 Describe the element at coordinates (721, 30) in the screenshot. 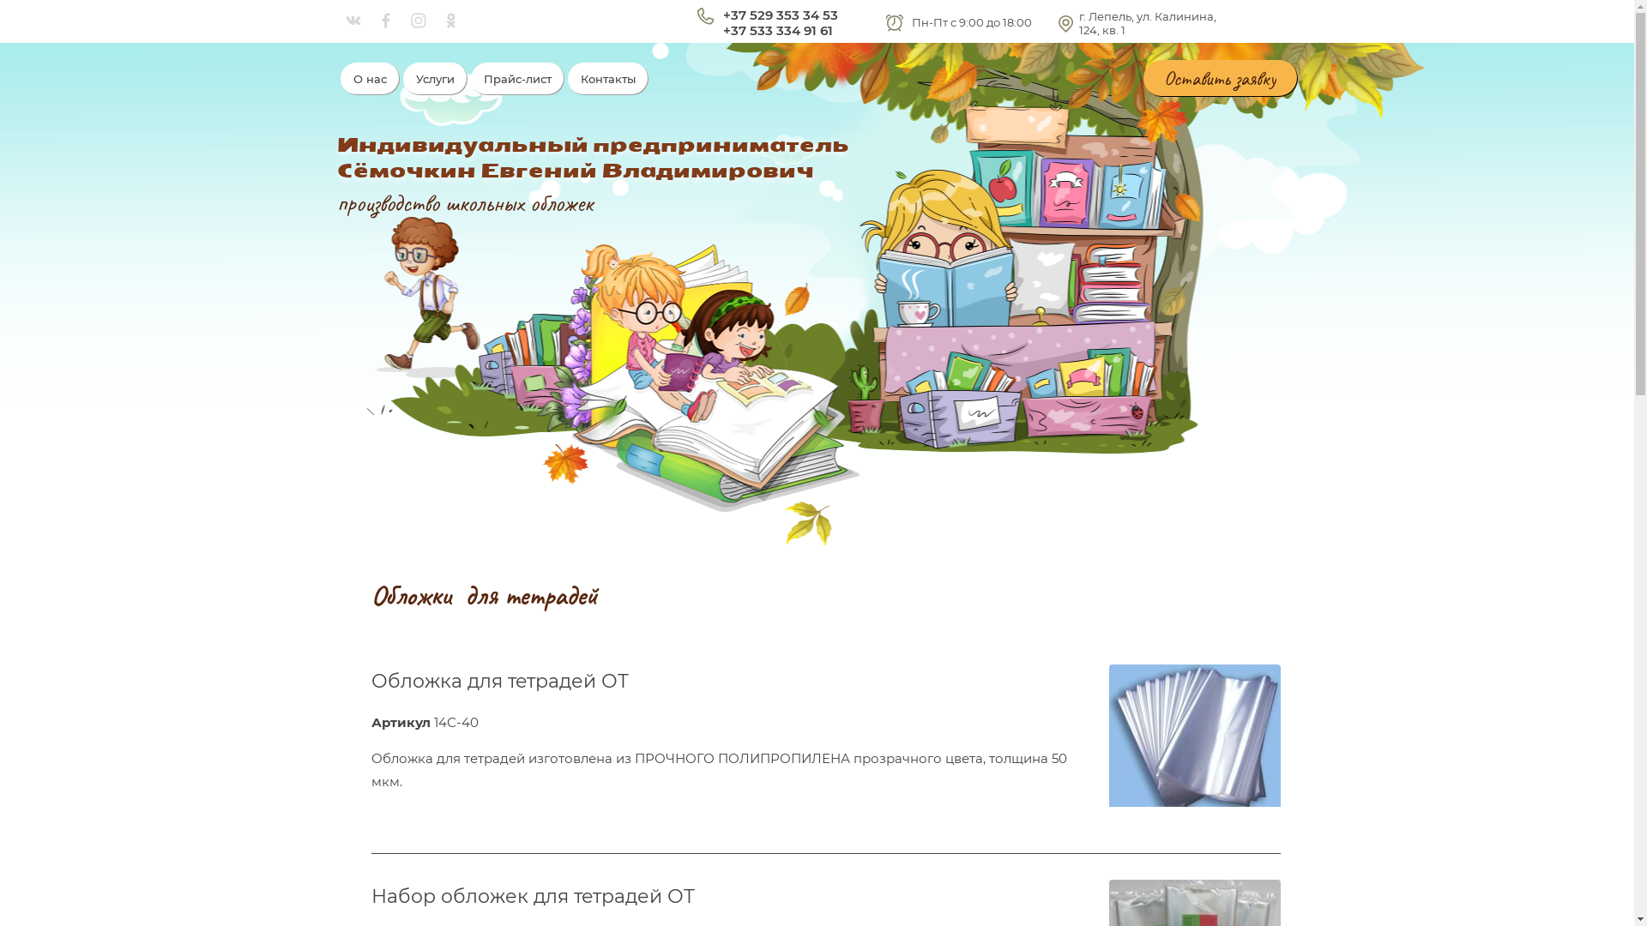

I see `'+37 533 334 91 61'` at that location.